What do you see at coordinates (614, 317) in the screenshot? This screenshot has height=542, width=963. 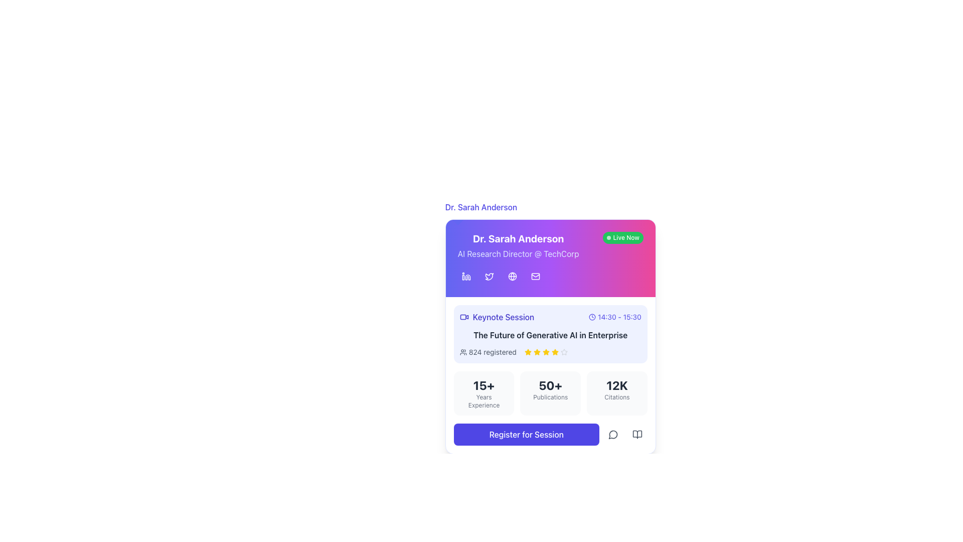 I see `the icon with accompanying text (time) that displays the scheduled time for the 'Keynote Session' event, located to the right of the 'Keynote Session' title text block` at bounding box center [614, 317].